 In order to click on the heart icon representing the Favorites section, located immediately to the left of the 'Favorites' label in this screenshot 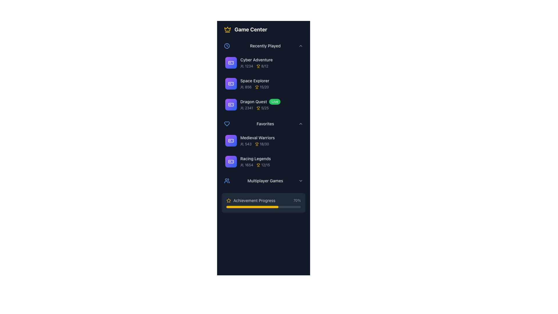, I will do `click(227, 123)`.